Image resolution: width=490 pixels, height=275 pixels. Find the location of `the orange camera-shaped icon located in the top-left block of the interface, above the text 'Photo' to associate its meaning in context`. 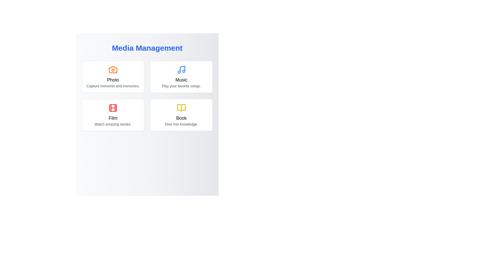

the orange camera-shaped icon located in the top-left block of the interface, above the text 'Photo' to associate its meaning in context is located at coordinates (113, 70).